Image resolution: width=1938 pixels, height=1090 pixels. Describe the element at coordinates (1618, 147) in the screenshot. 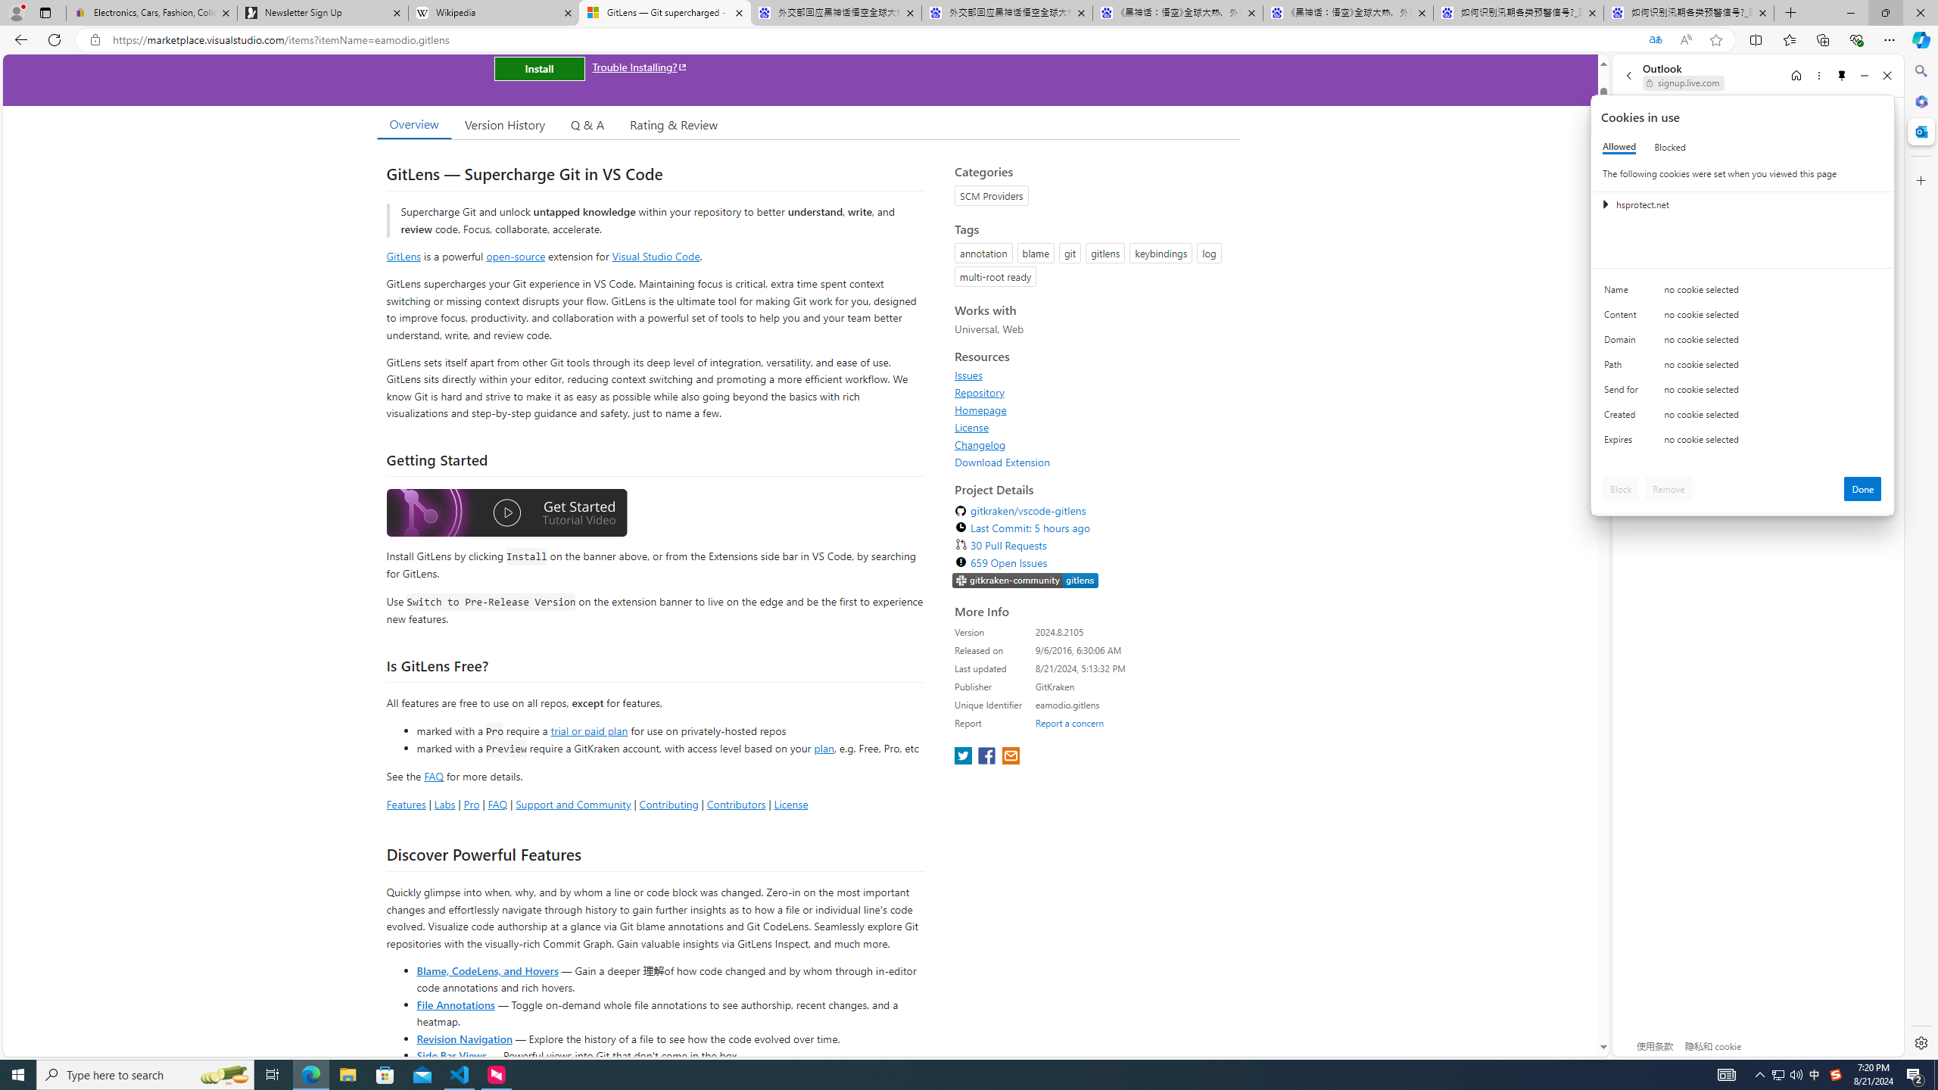

I see `'Allowed'` at that location.